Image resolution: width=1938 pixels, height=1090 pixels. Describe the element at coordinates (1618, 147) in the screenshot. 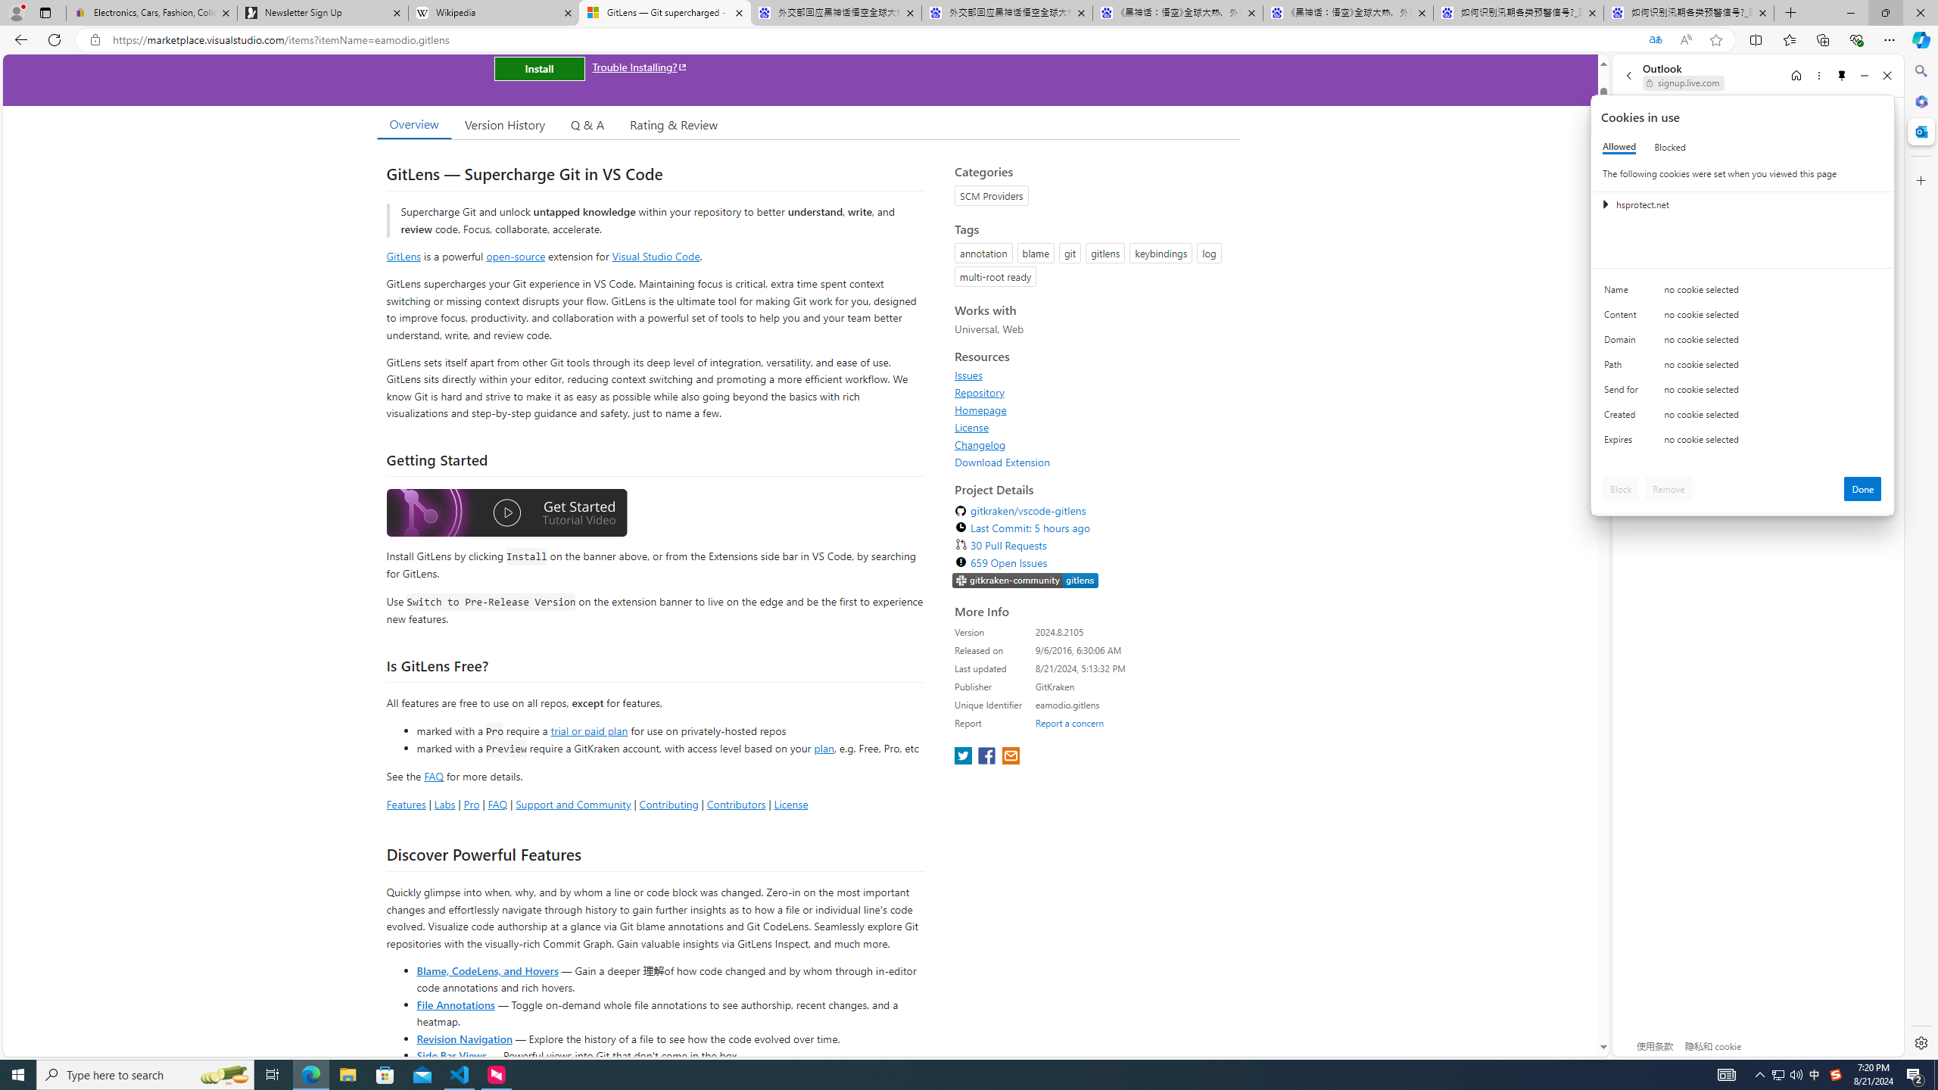

I see `'Allowed'` at that location.